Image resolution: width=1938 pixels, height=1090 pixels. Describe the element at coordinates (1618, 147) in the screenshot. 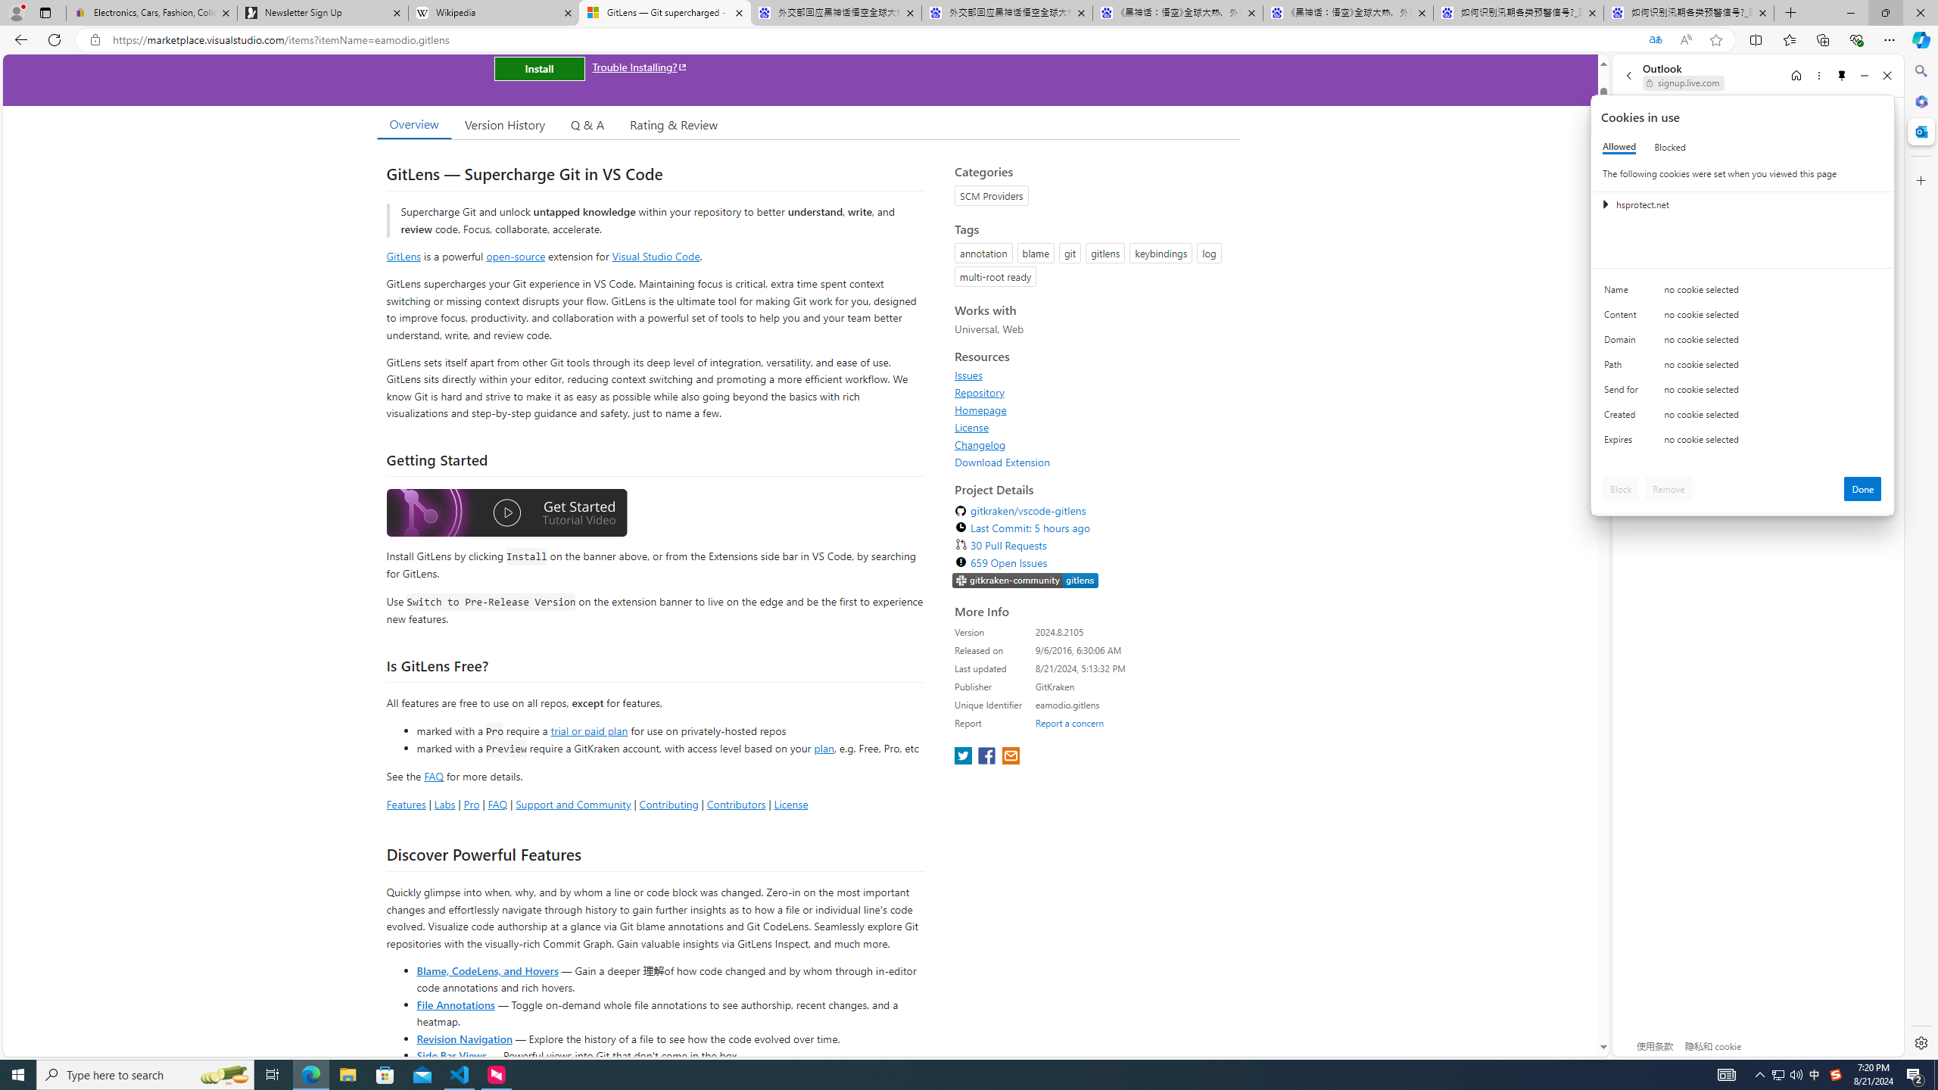

I see `'Allowed'` at that location.